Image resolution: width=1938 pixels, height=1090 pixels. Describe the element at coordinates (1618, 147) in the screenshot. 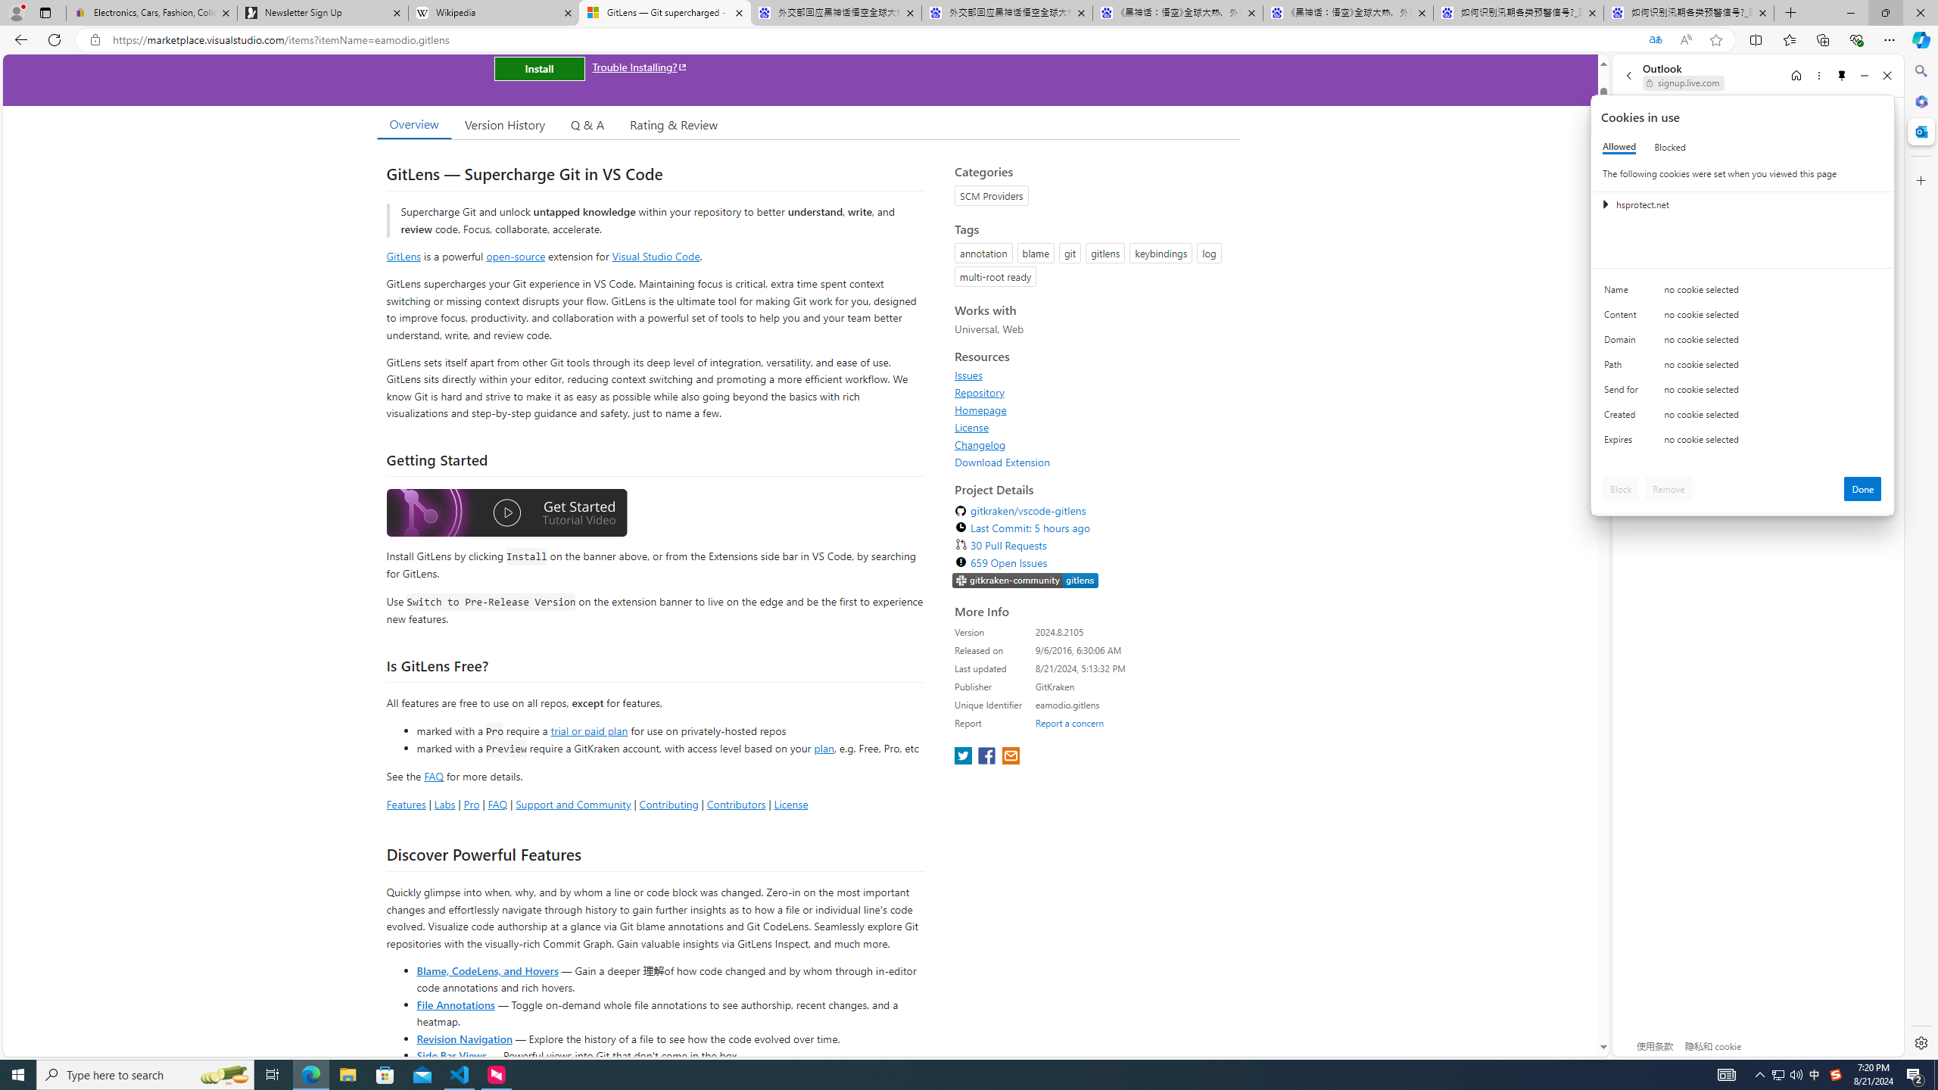

I see `'Allowed'` at that location.